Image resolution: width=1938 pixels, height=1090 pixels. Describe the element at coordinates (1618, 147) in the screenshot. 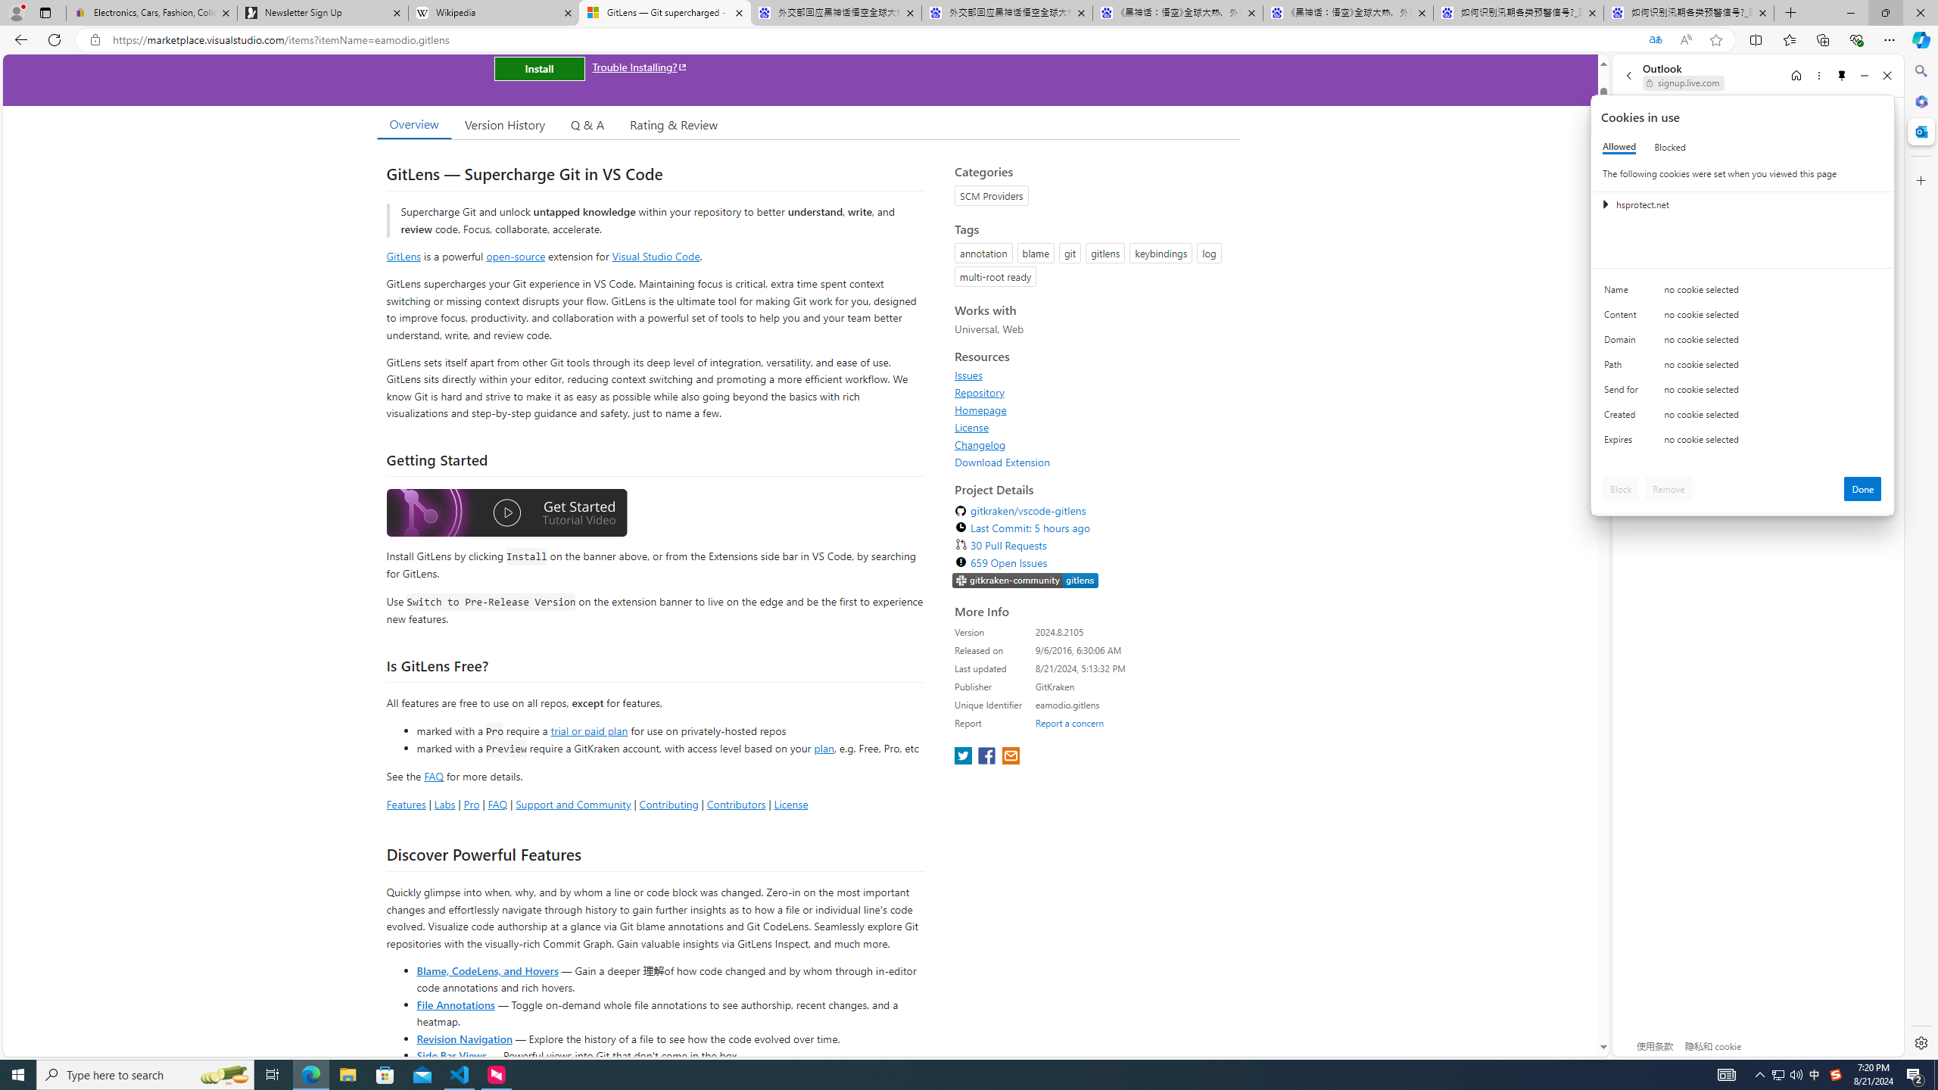

I see `'Allowed'` at that location.